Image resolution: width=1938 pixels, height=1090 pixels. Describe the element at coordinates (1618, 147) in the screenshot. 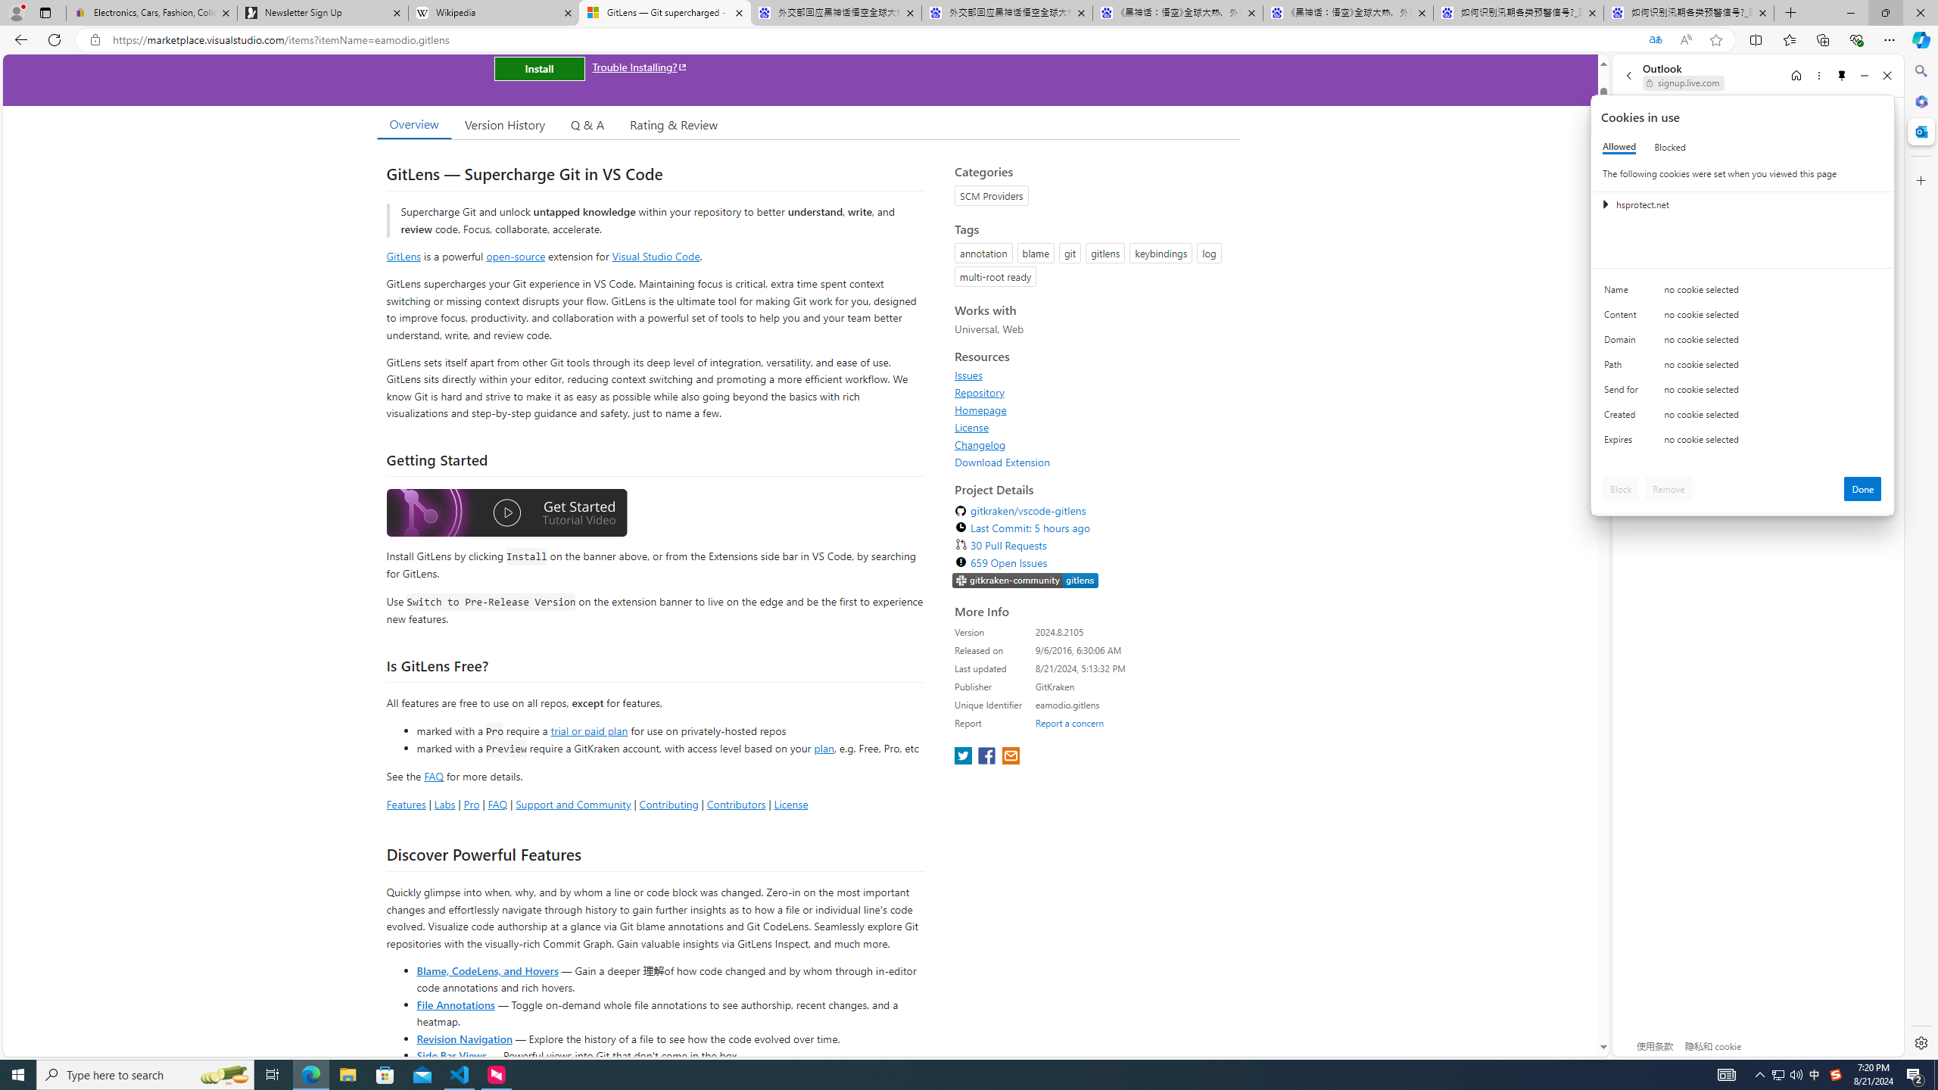

I see `'Allowed'` at that location.